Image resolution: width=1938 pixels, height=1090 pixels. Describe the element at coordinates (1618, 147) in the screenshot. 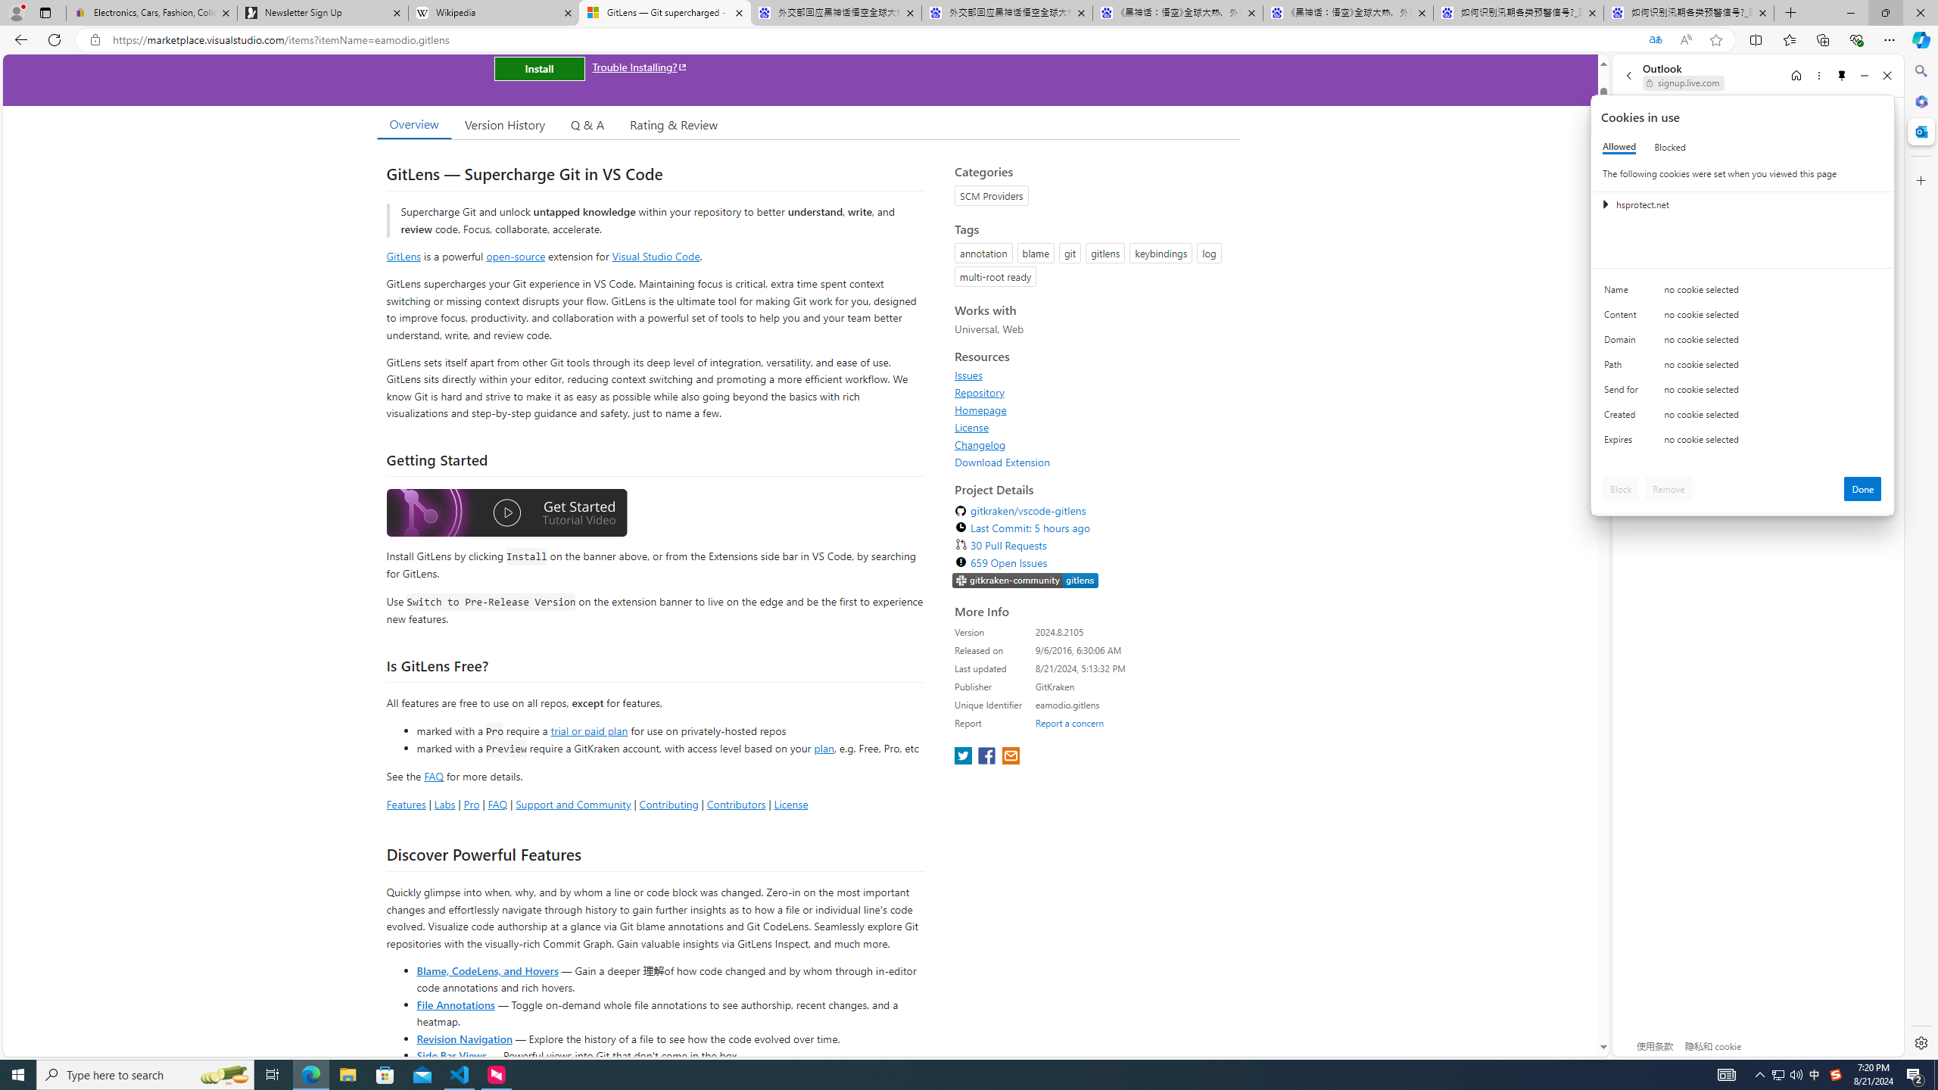

I see `'Allowed'` at that location.